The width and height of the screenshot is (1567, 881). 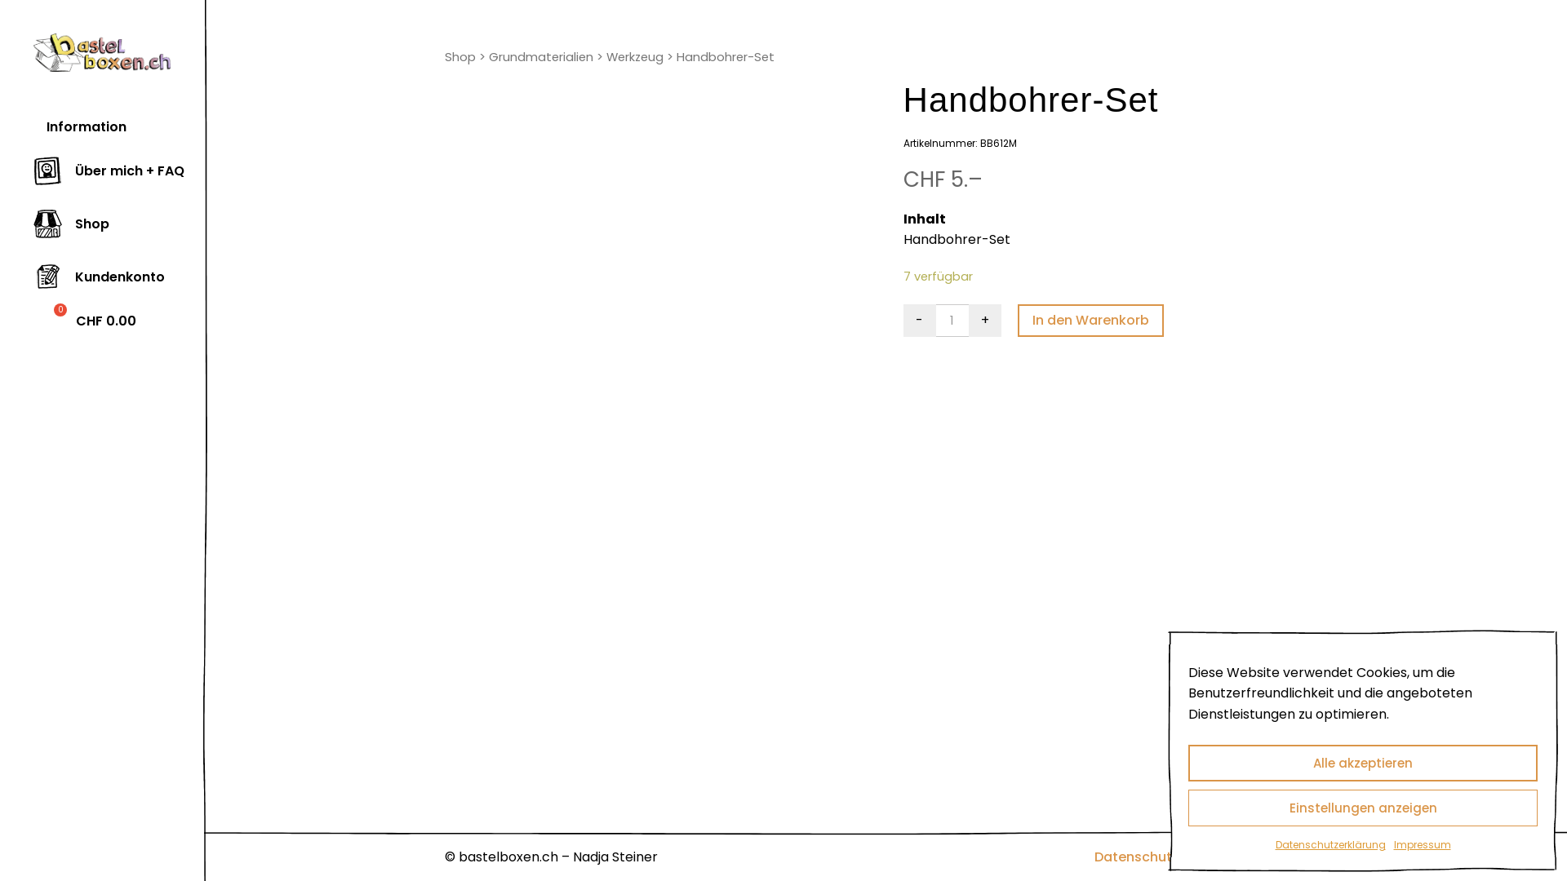 What do you see at coordinates (70, 224) in the screenshot?
I see `'Shop'` at bounding box center [70, 224].